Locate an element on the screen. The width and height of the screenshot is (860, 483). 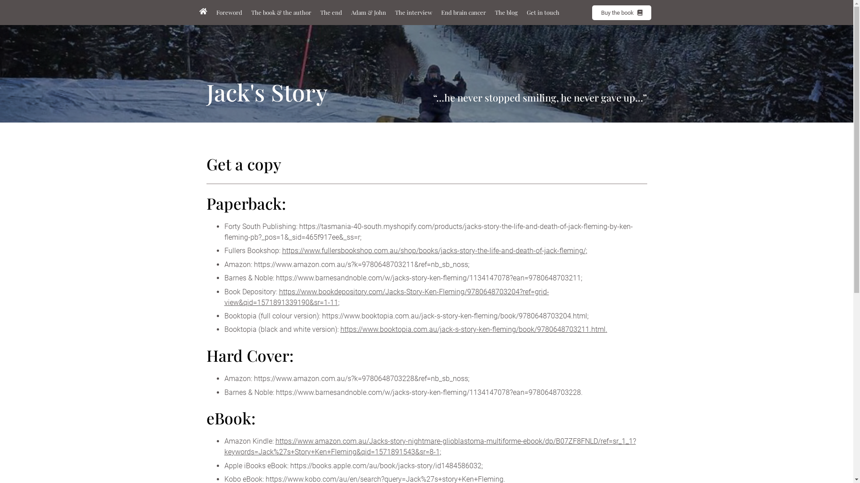
'https://www.amazon.com.au/s?k=9780648703228&ref=nb_sb_noss' is located at coordinates (361, 378).